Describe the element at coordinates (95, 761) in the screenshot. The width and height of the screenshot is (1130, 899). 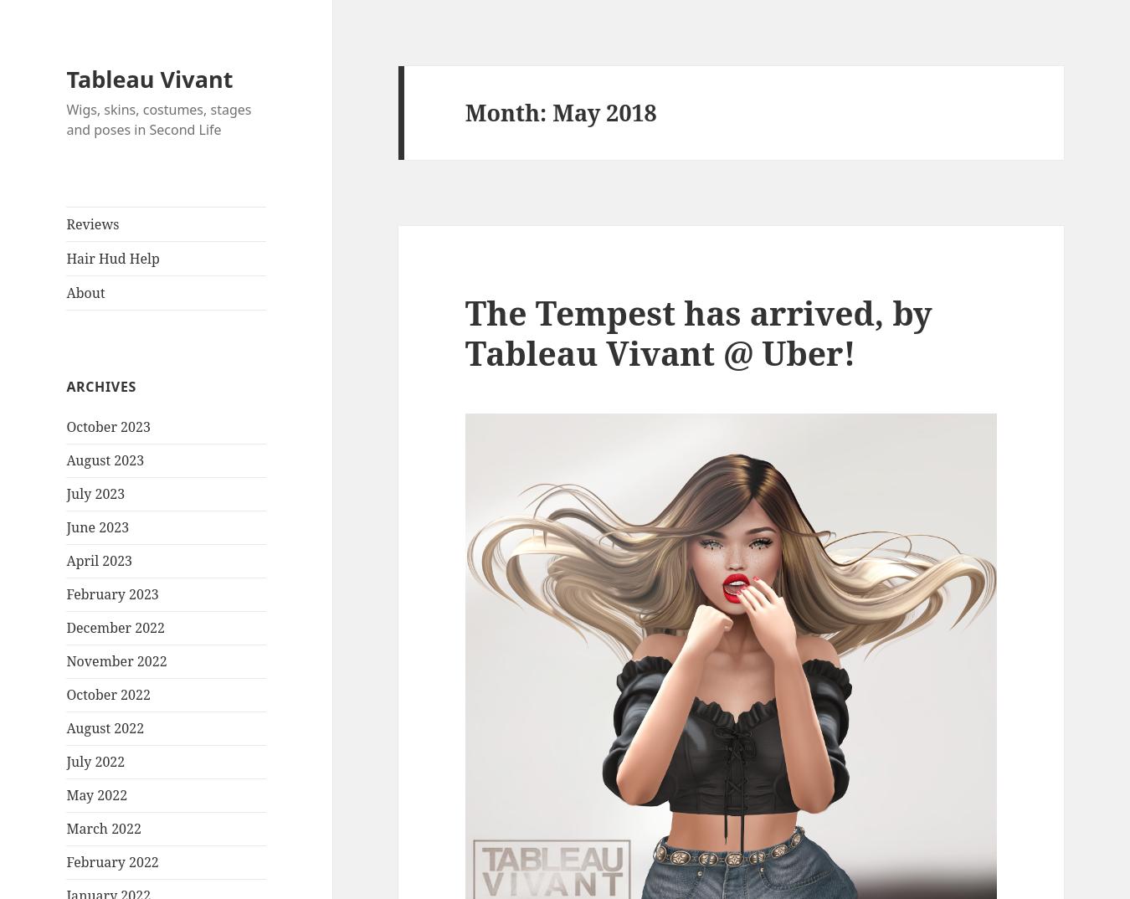
I see `'July 2022'` at that location.